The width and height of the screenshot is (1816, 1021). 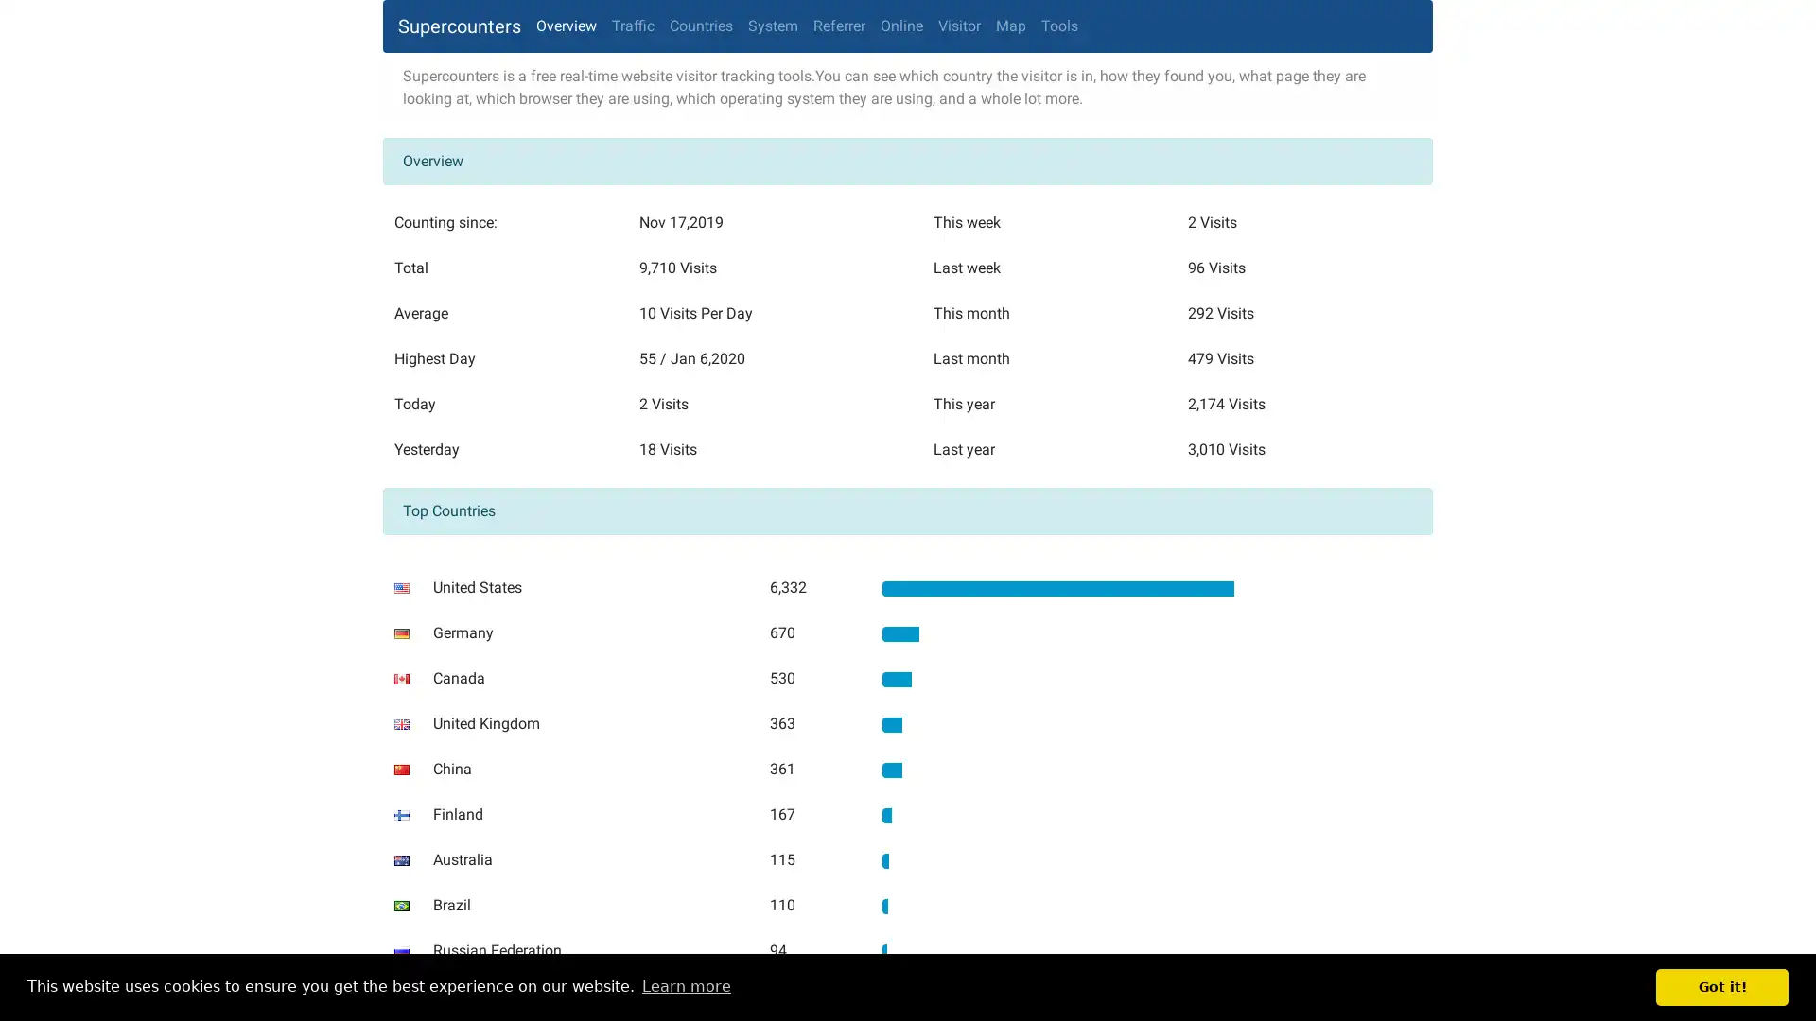 I want to click on learn more about cookies, so click(x=685, y=986).